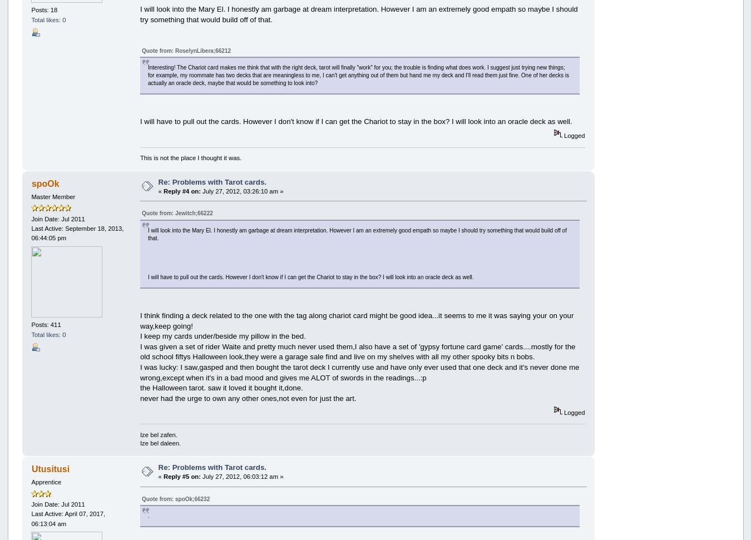 This screenshot has height=540, width=751. I want to click on 'This is not the place I thought it was.', so click(190, 157).